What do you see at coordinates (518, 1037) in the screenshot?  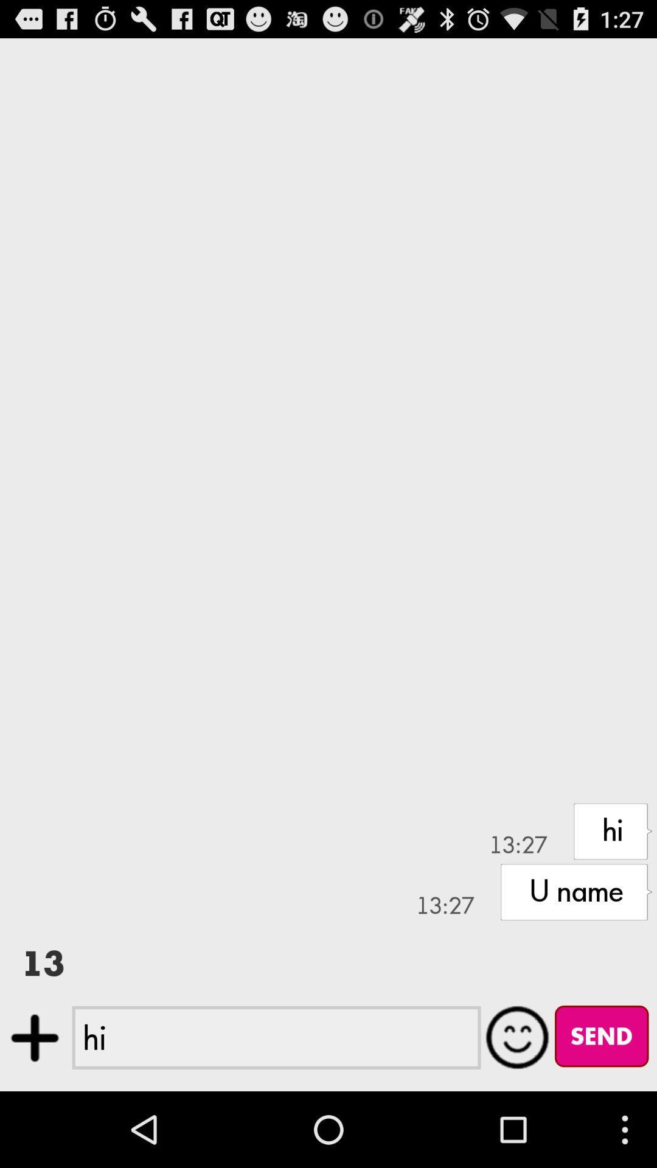 I see `emoji selection` at bounding box center [518, 1037].